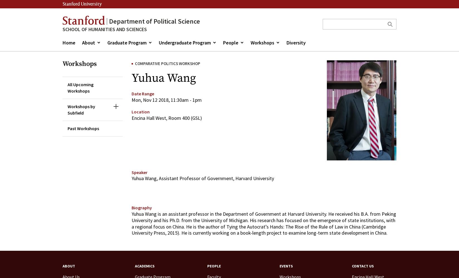 The height and width of the screenshot is (278, 459). I want to click on 'Stanford', so click(84, 21).